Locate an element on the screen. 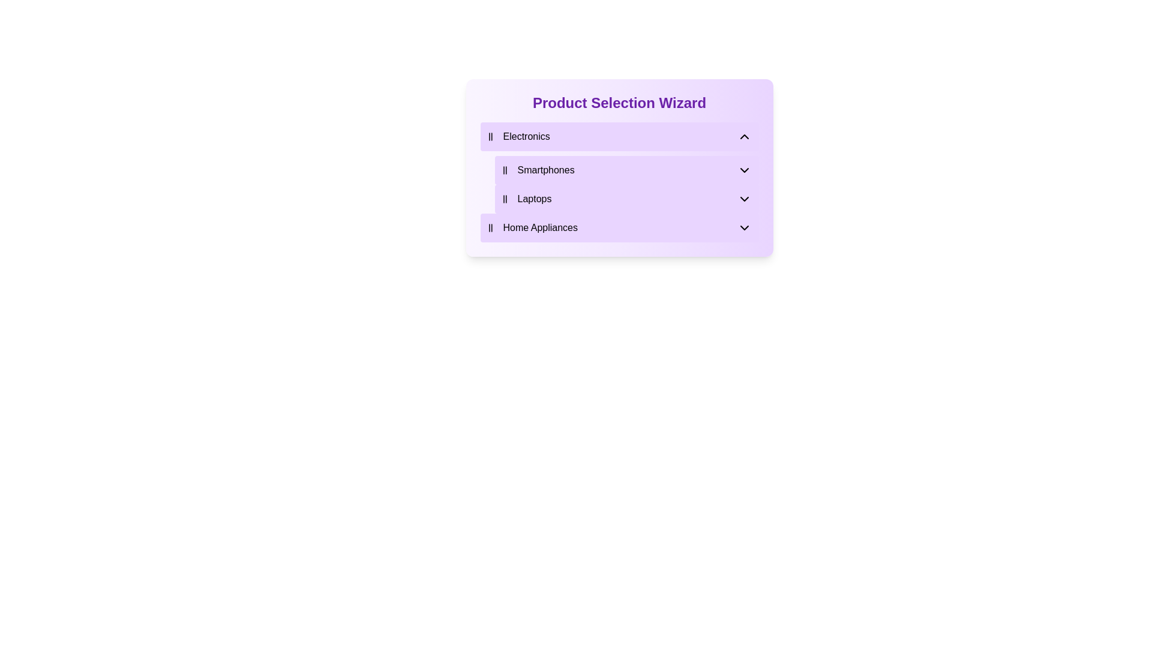  icon consisting of two vertical parallel lines located to the left of the text 'Laptops' in the 'Electronics' category is located at coordinates (507, 198).